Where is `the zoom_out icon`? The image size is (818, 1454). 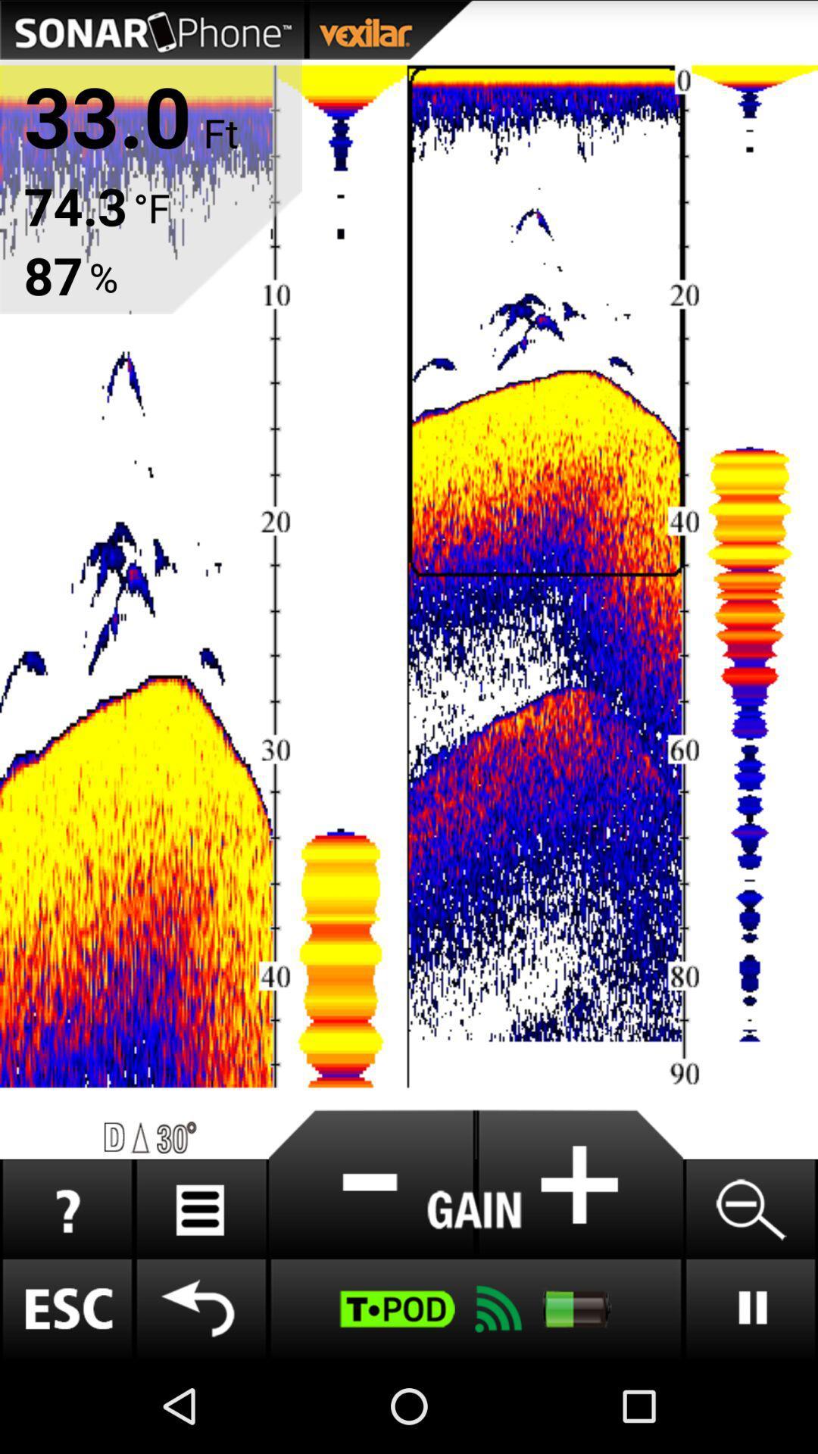
the zoom_out icon is located at coordinates (750, 1293).